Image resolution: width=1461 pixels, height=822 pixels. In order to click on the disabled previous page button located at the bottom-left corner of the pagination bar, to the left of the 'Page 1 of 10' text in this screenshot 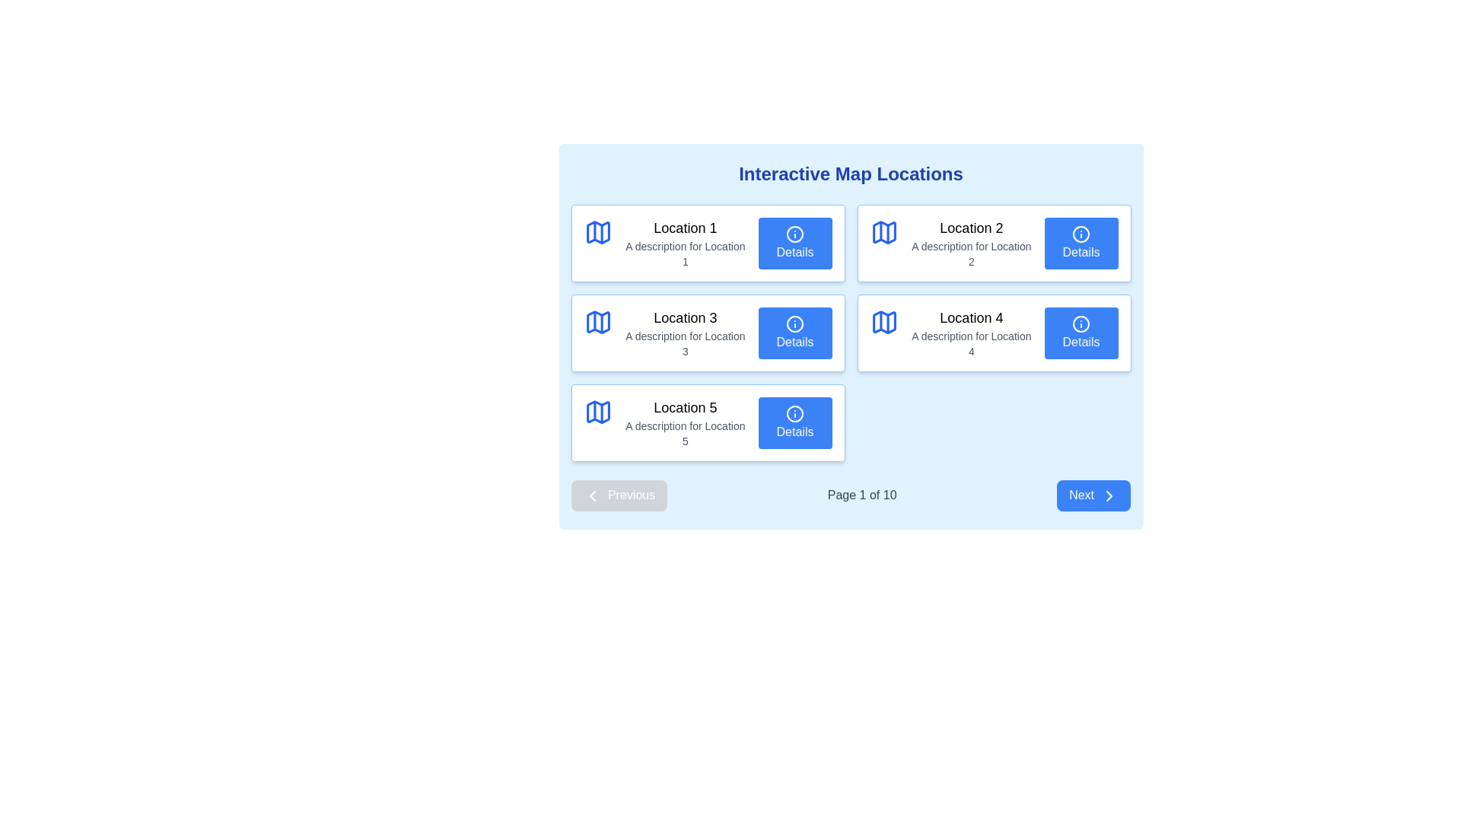, I will do `click(619, 495)`.